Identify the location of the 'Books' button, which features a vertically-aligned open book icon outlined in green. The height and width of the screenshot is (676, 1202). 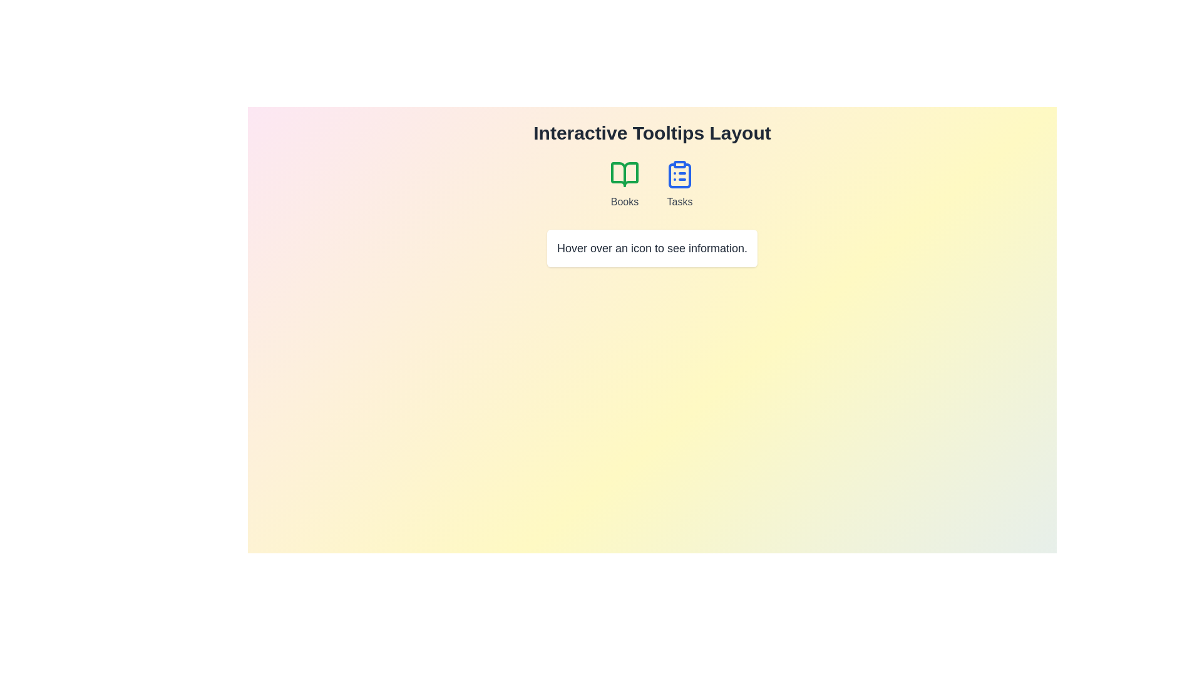
(625, 184).